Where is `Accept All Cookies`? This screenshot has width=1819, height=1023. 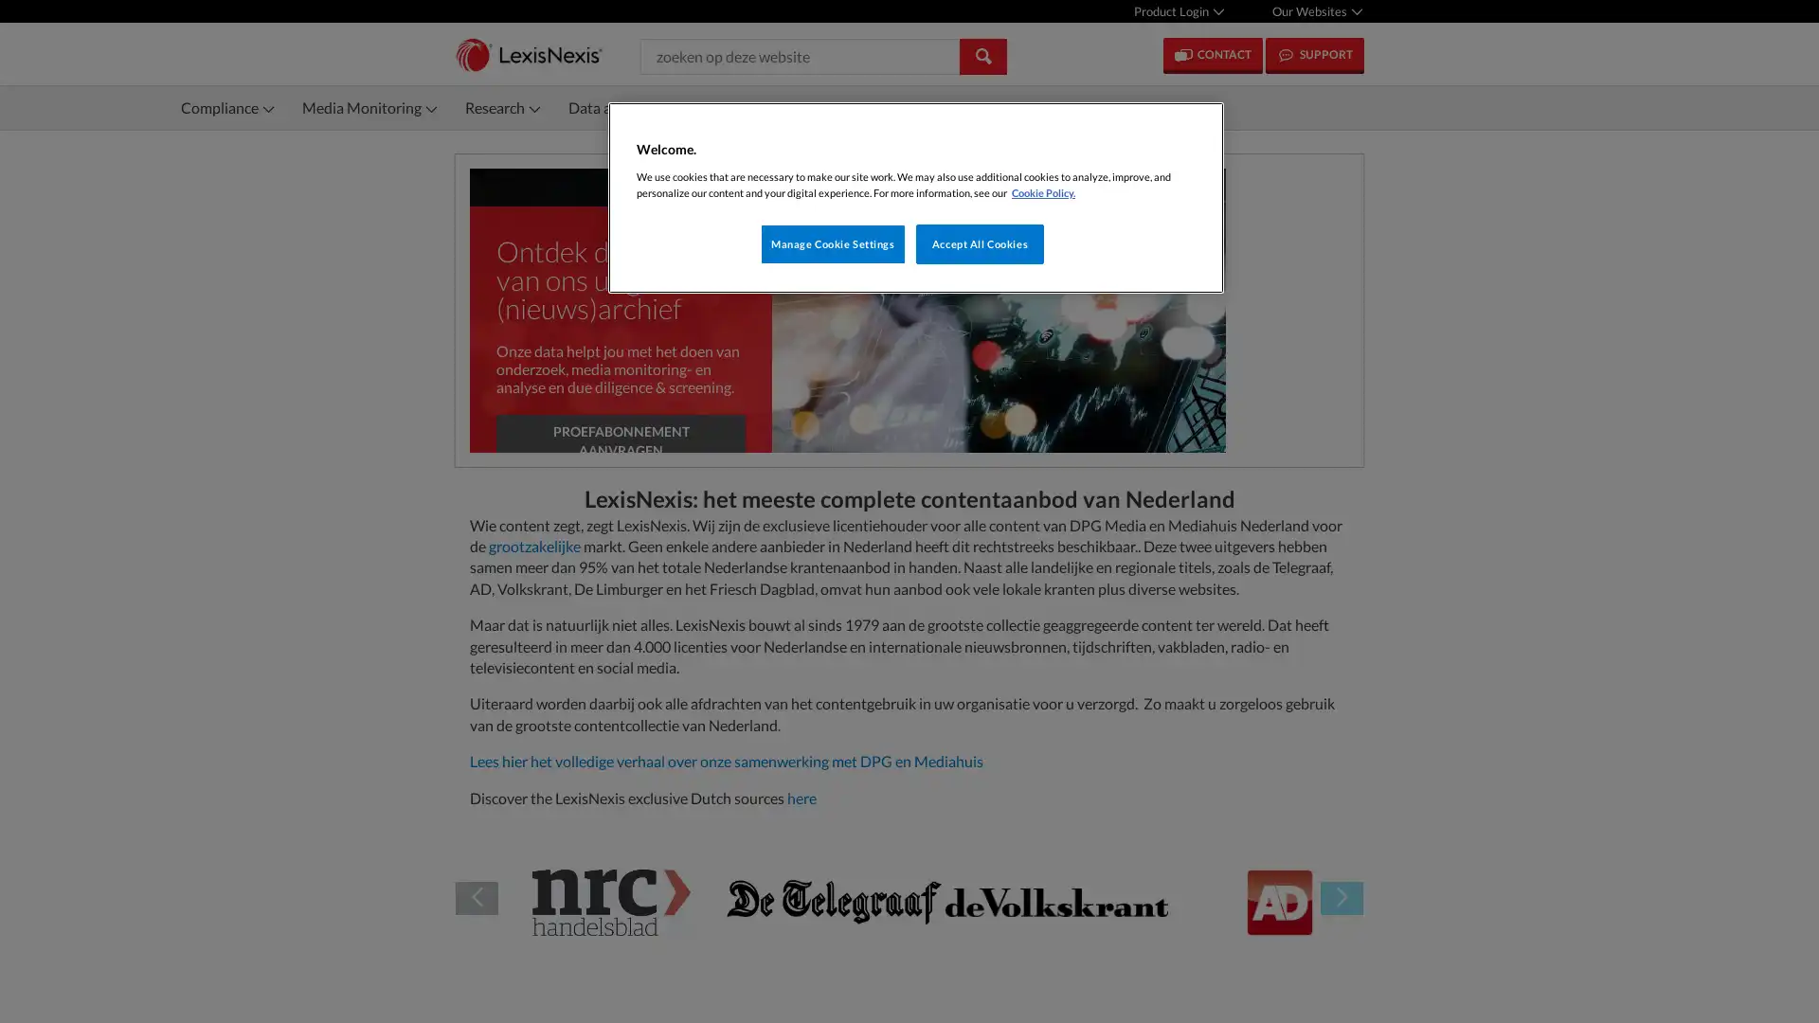
Accept All Cookies is located at coordinates (980, 242).